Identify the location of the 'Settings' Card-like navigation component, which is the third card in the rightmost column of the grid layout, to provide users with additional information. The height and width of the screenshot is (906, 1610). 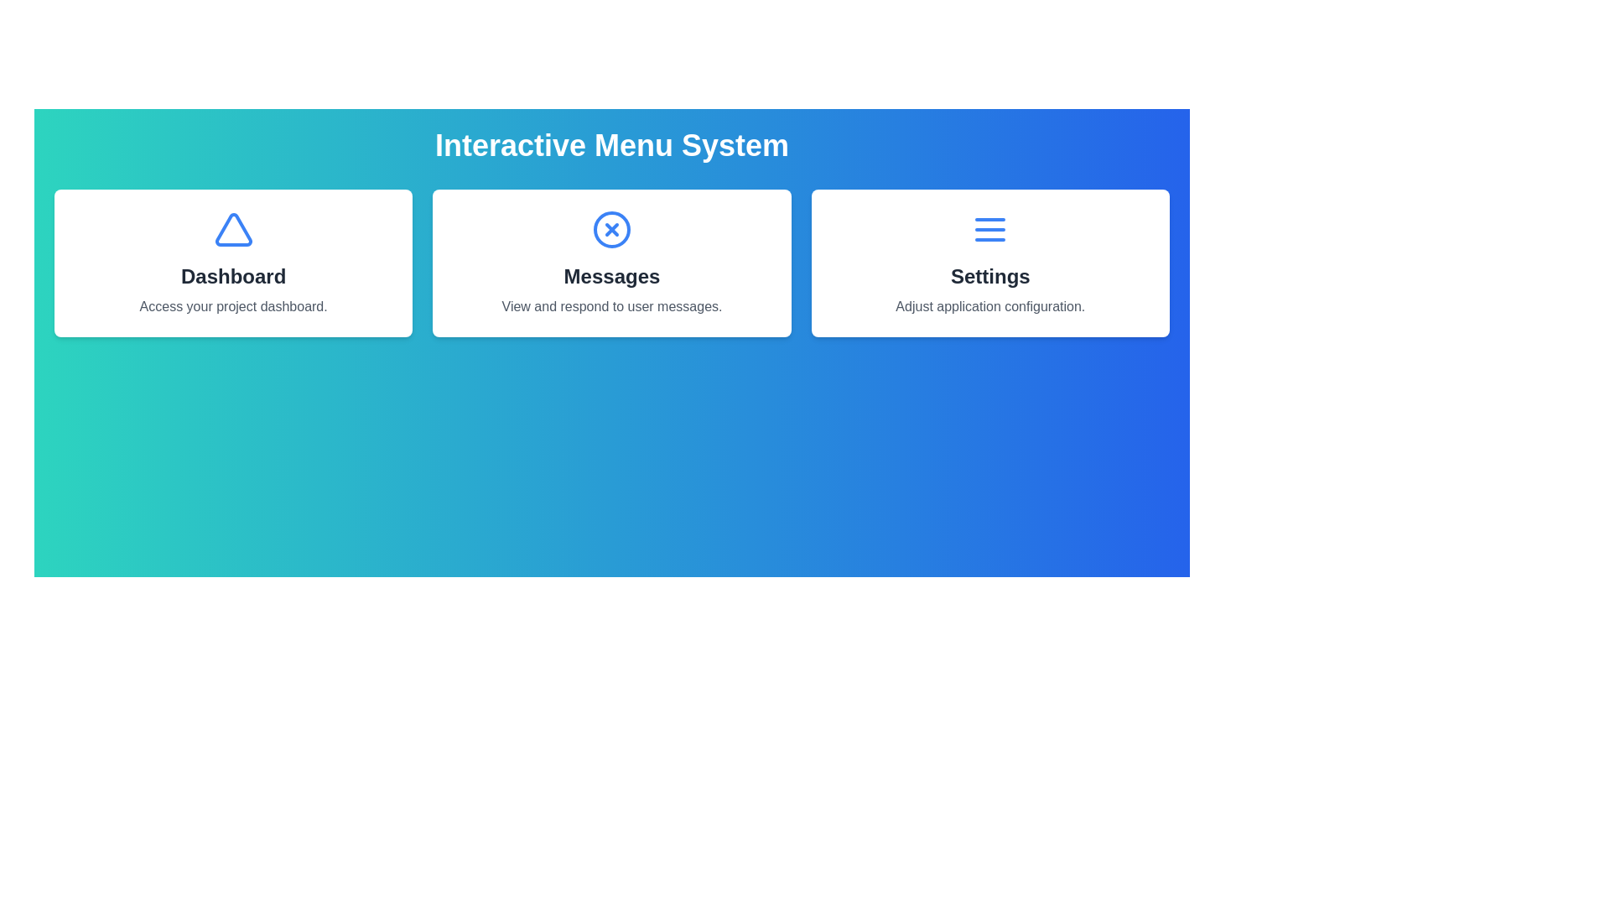
(990, 263).